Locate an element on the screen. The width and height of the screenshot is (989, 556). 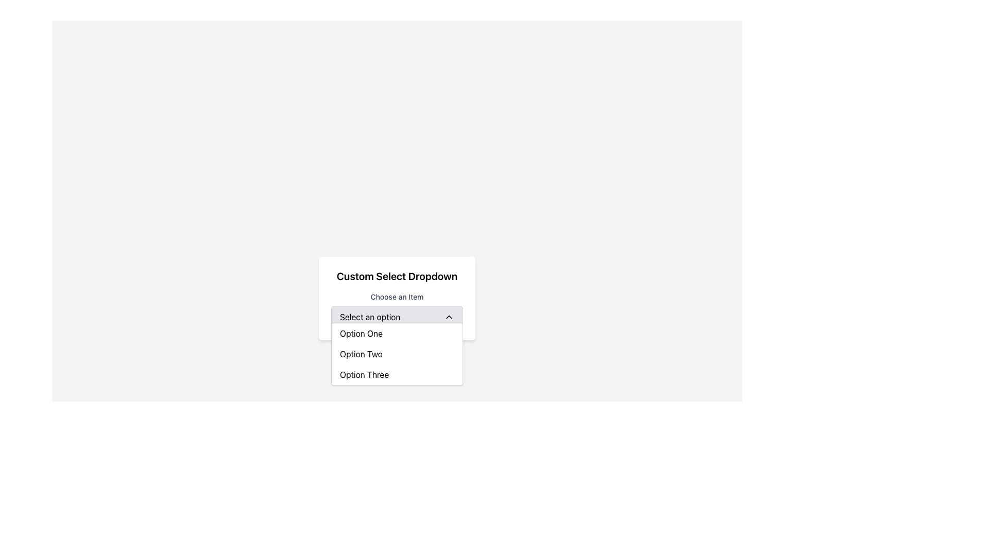
the first item in the dropdown menu that allows the user to select 'Option One', triggering the hover effect is located at coordinates (397, 334).